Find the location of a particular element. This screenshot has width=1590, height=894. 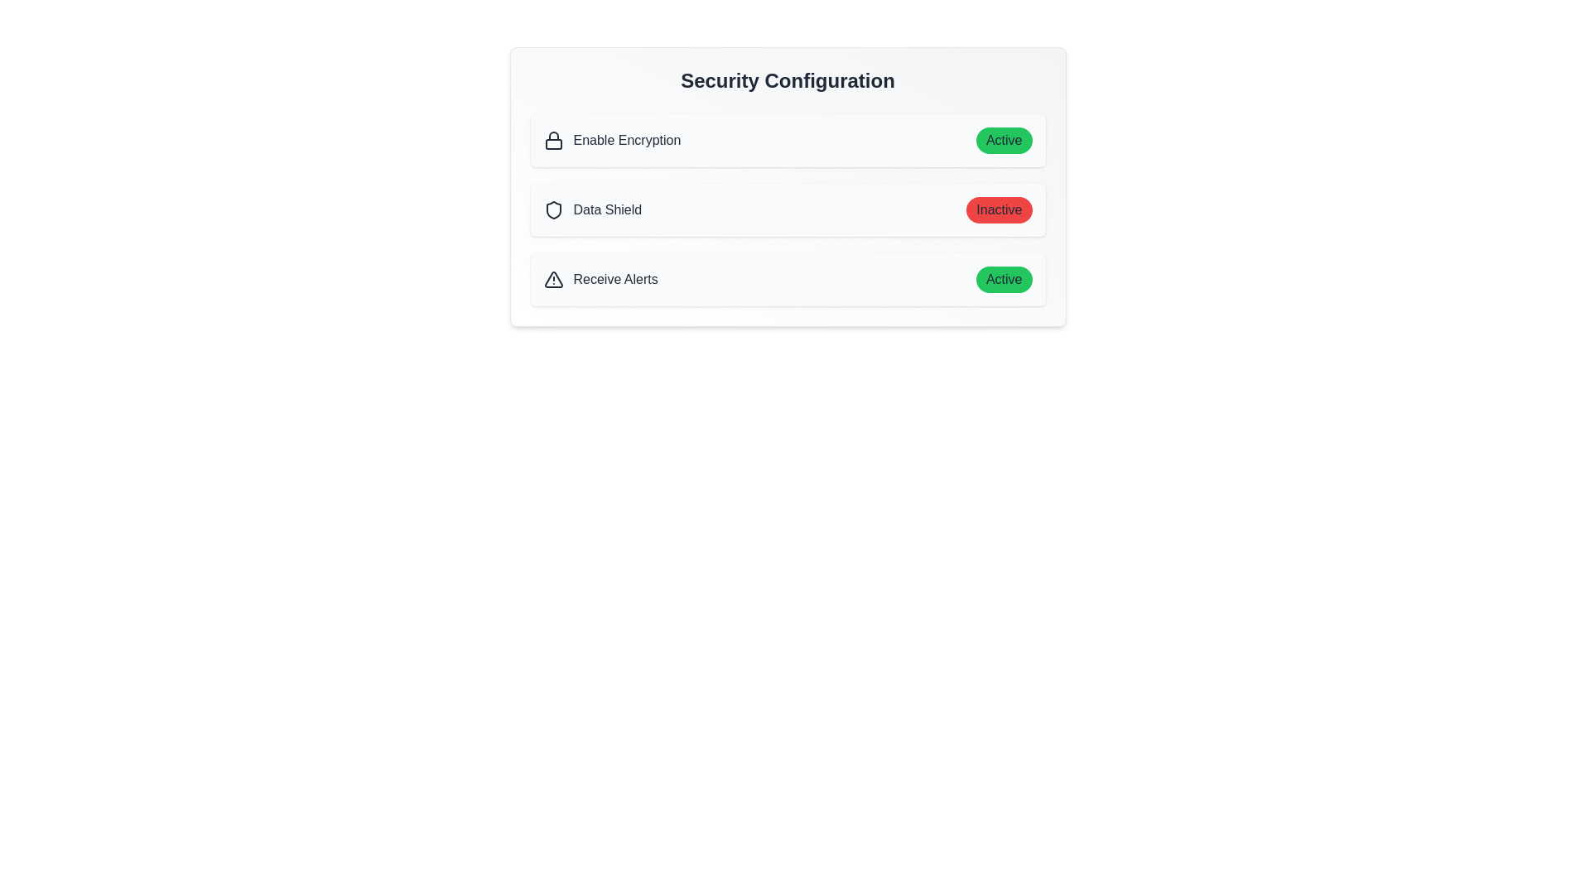

the green, pill-shaped button labeled 'Active' is located at coordinates (1003, 139).